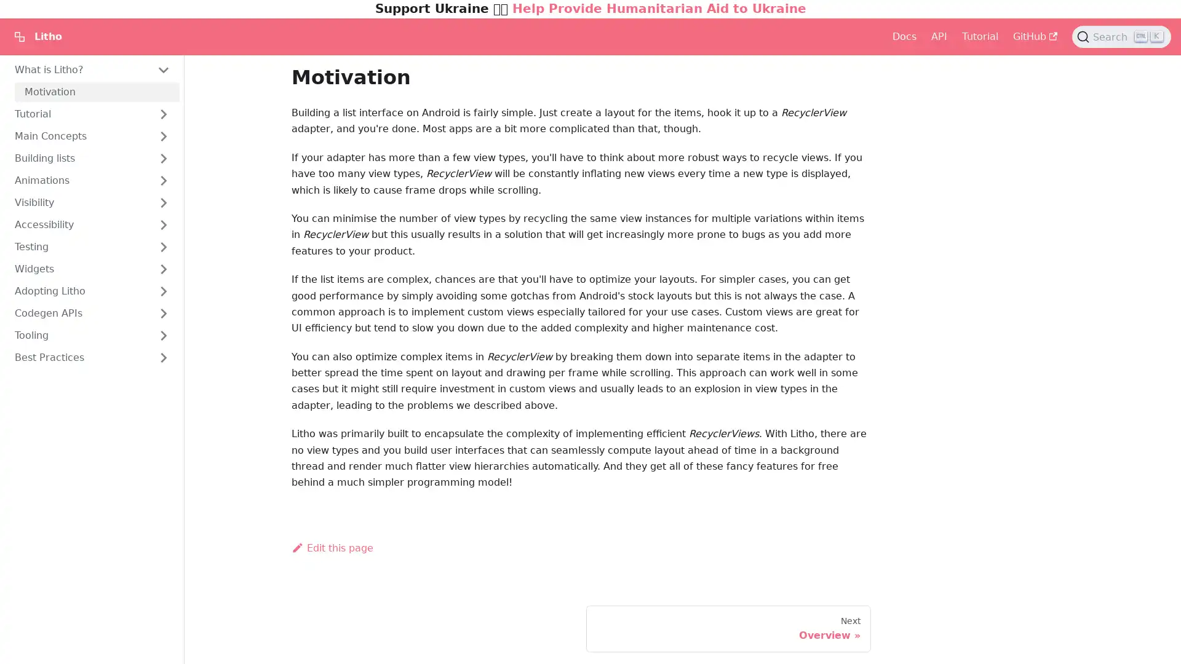  I want to click on Search, so click(1121, 36).